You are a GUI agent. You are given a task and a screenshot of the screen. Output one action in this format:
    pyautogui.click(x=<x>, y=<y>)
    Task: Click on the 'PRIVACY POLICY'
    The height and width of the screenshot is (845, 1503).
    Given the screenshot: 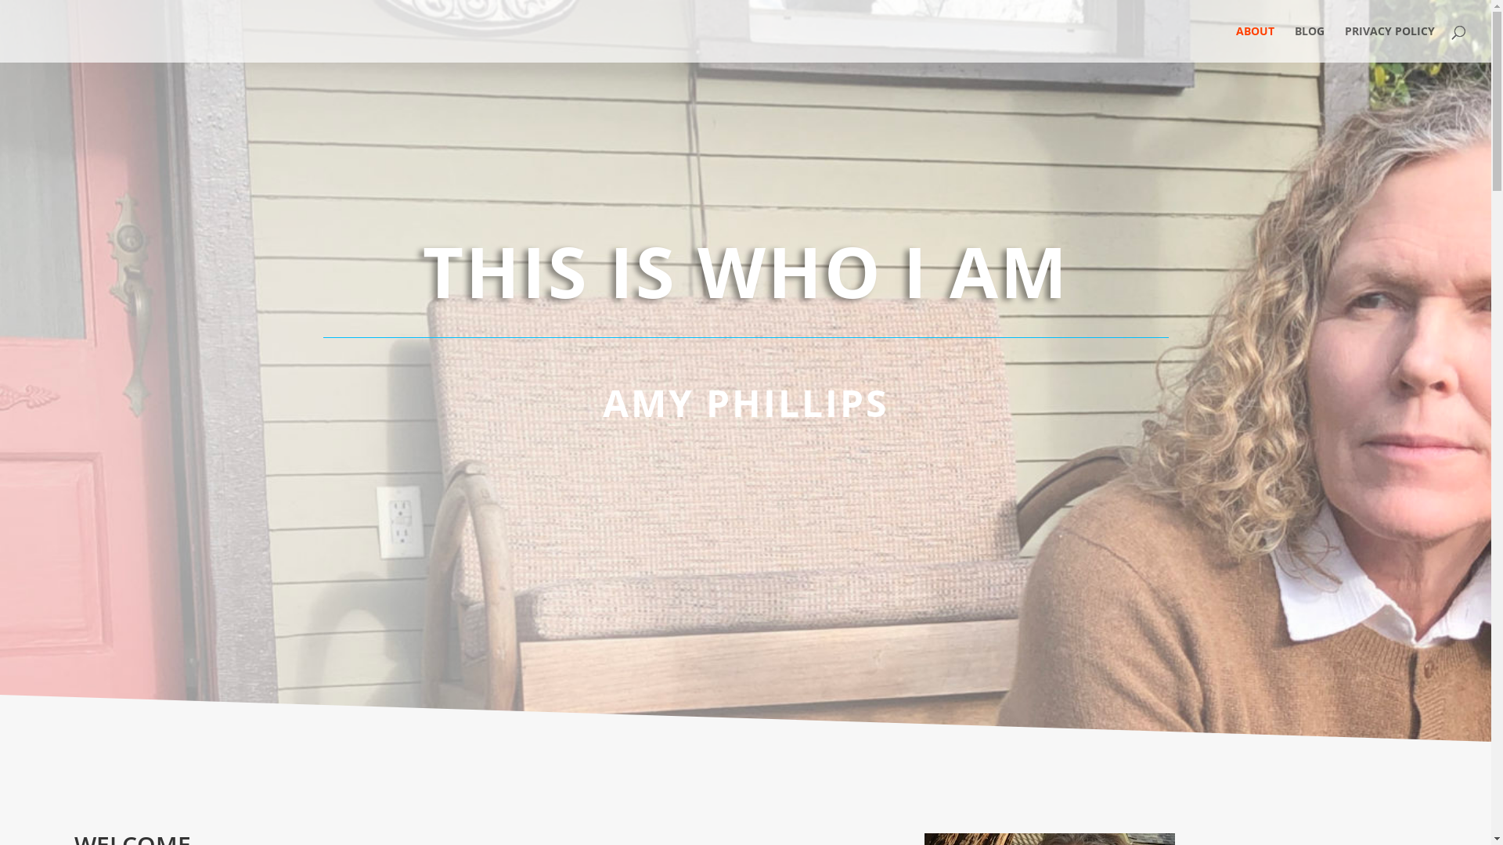 What is the action you would take?
    pyautogui.click(x=1389, y=43)
    